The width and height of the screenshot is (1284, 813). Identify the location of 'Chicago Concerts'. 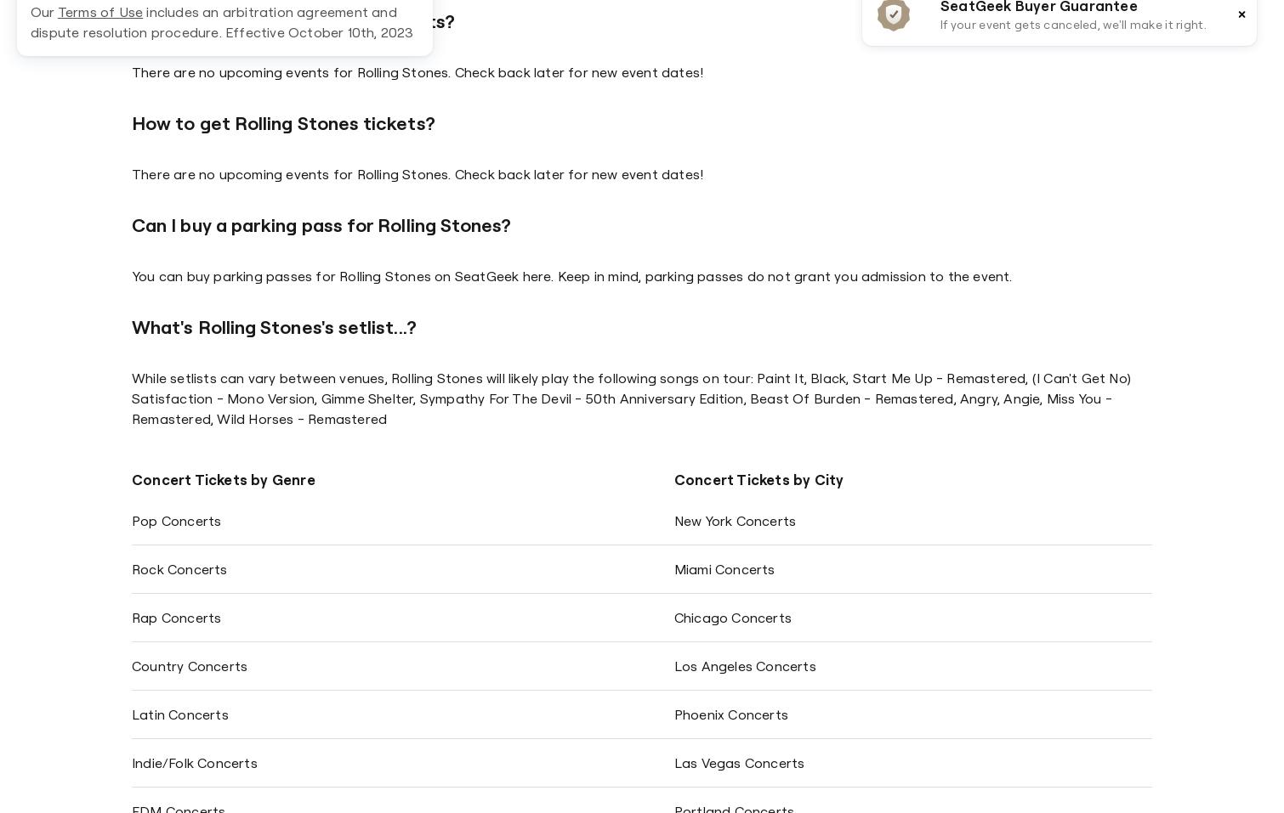
(732, 618).